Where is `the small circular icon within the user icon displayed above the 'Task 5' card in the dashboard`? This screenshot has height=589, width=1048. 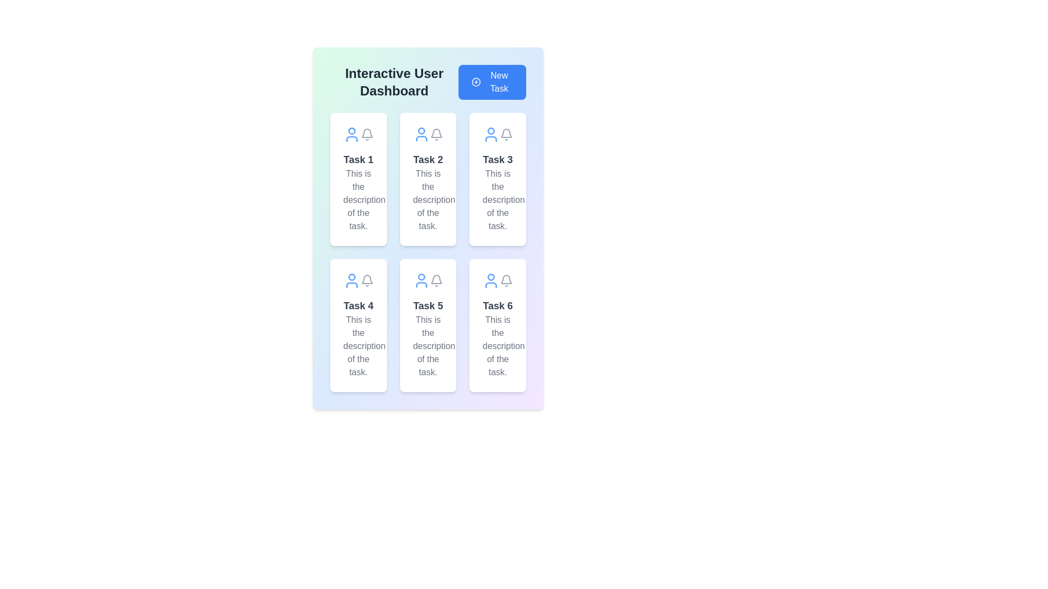 the small circular icon within the user icon displayed above the 'Task 5' card in the dashboard is located at coordinates (421, 277).